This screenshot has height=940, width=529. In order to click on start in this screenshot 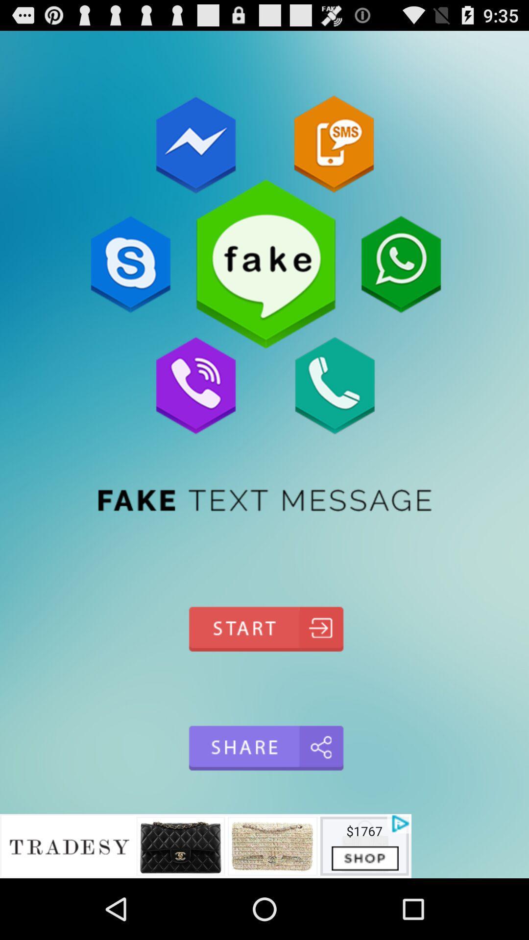, I will do `click(264, 629)`.